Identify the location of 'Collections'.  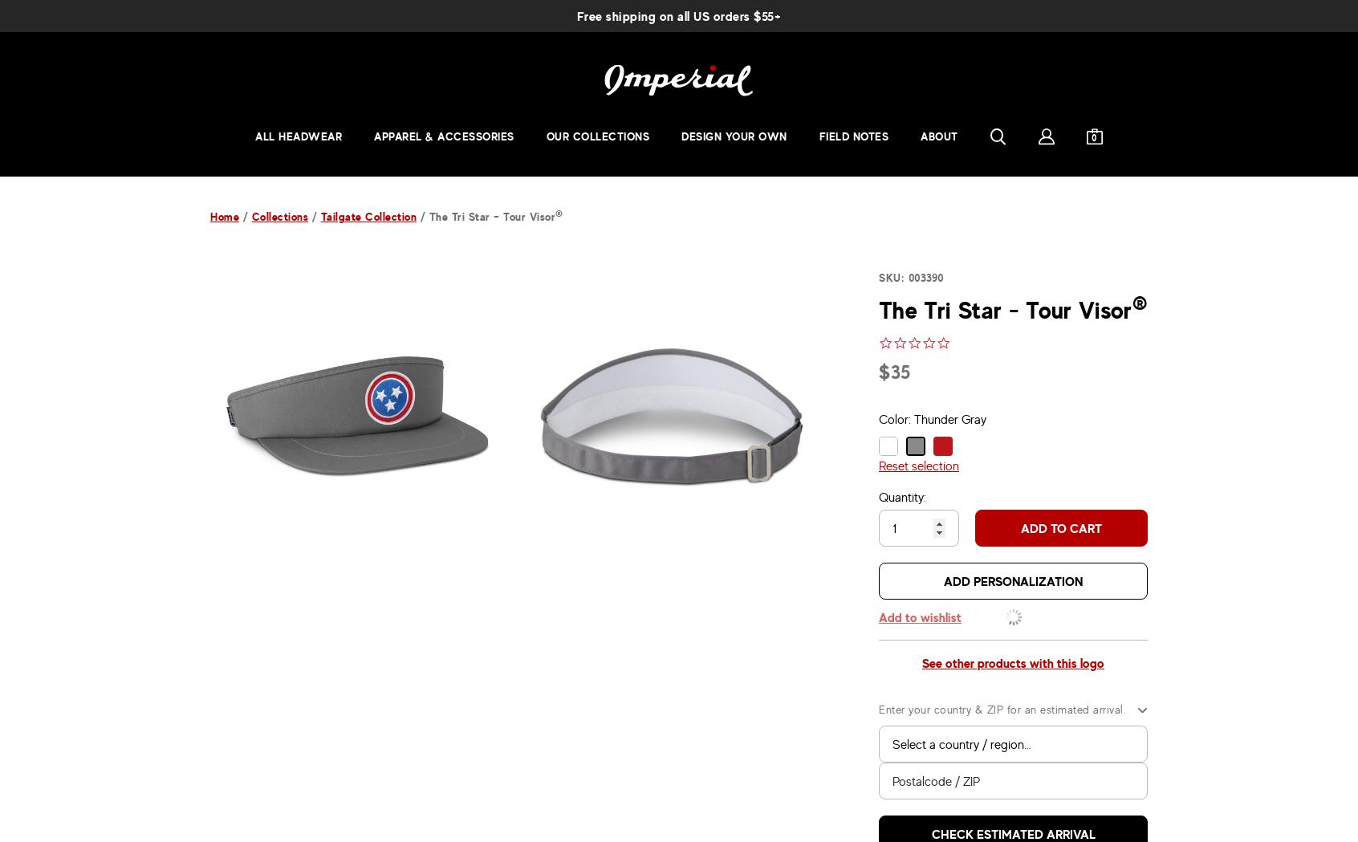
(279, 215).